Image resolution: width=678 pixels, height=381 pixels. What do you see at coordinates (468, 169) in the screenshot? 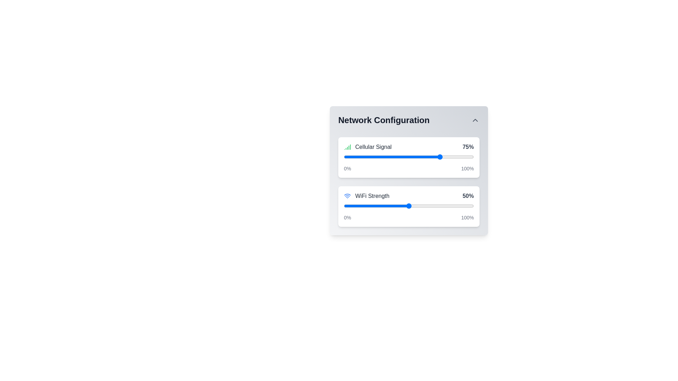
I see `the text label indicating '100%' at the far-right side of the slider` at bounding box center [468, 169].